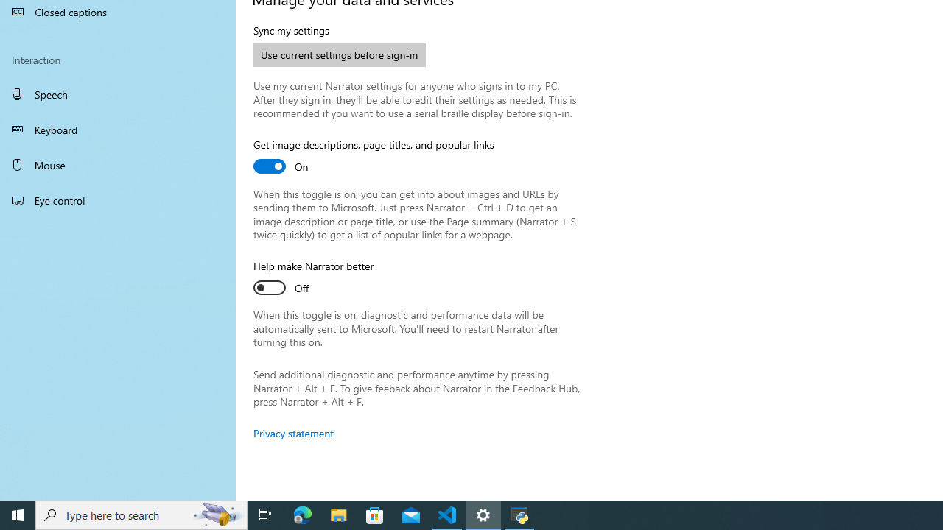 This screenshot has height=530, width=943. Describe the element at coordinates (338, 514) in the screenshot. I see `'File Explorer'` at that location.